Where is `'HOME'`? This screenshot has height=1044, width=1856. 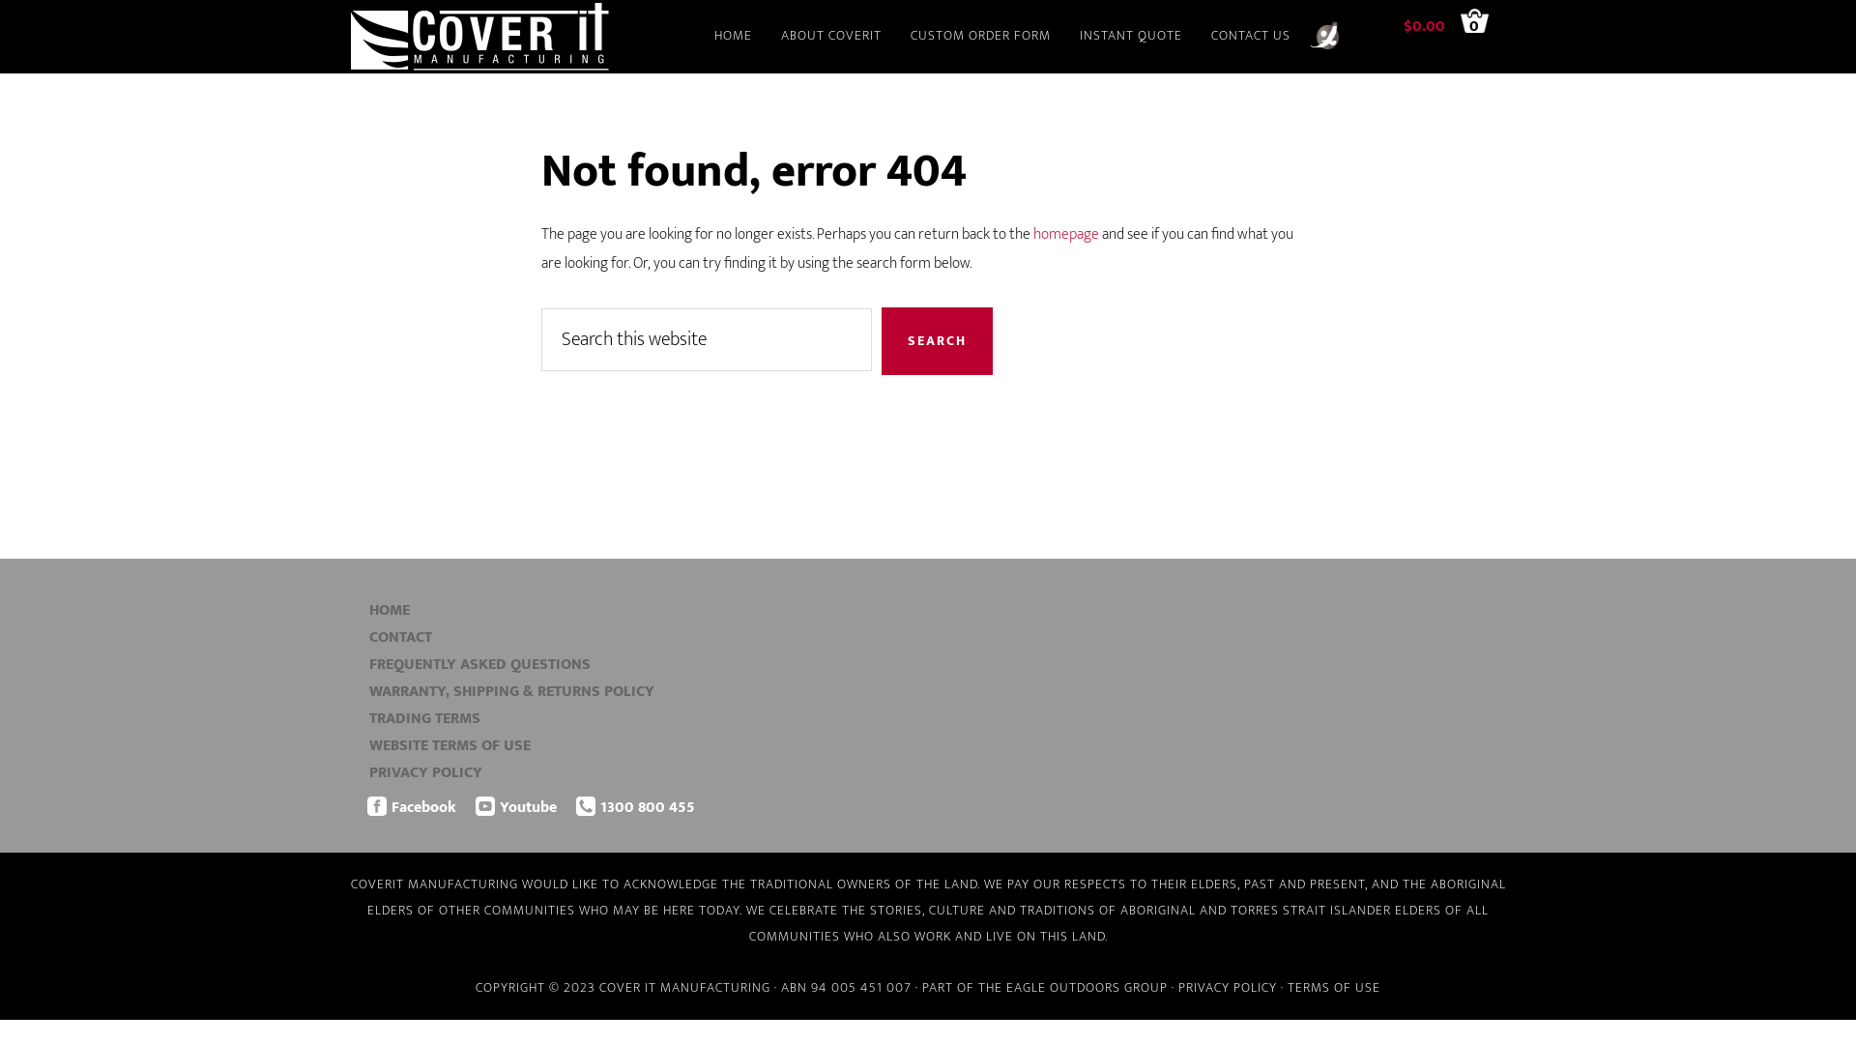
'HOME' is located at coordinates (389, 610).